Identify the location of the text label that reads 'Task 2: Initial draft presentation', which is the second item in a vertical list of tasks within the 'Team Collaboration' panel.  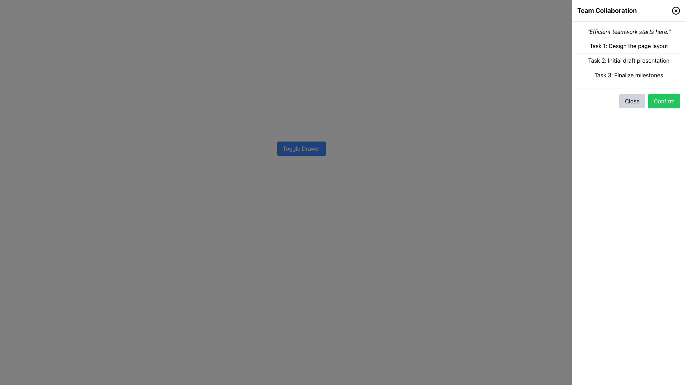
(629, 60).